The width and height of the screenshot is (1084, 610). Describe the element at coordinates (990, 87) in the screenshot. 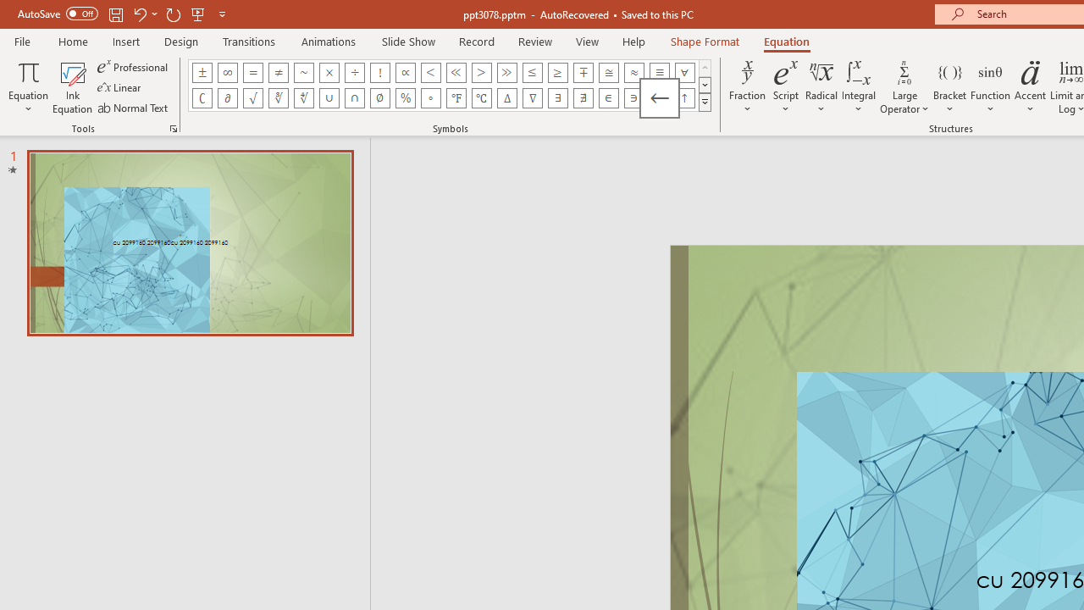

I see `'Function'` at that location.